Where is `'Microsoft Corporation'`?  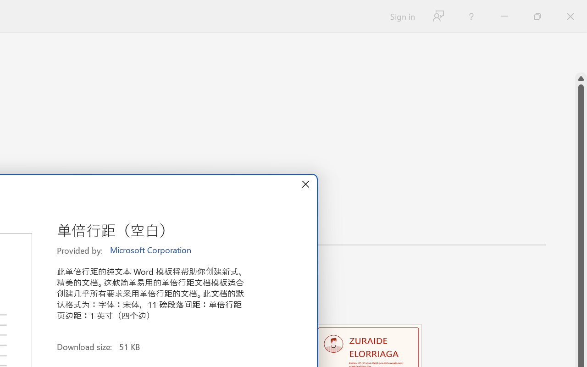
'Microsoft Corporation' is located at coordinates (151, 250).